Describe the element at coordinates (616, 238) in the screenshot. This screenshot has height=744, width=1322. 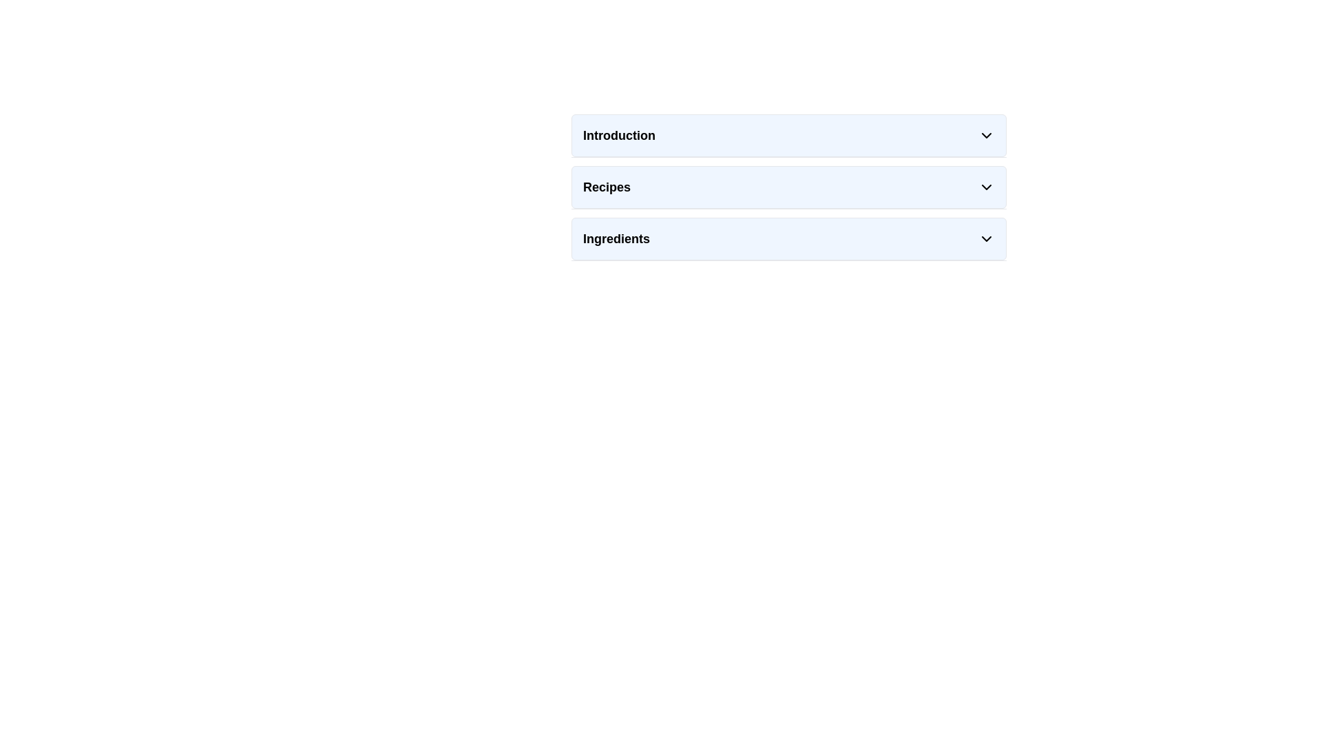
I see `the 'Ingredients' heading text, which is a bold and larger font size element located within a collapsible section below the 'Recipes' header` at that location.